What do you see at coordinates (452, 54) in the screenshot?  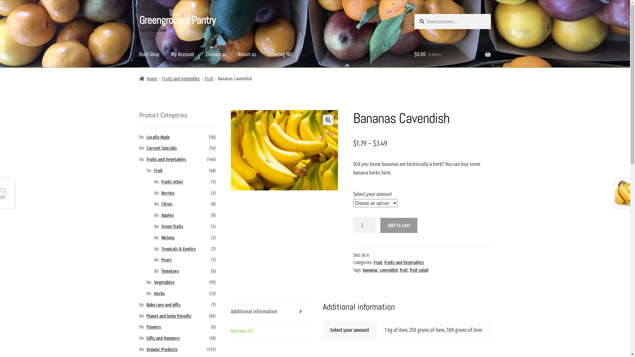 I see `'$0.00 0 items'` at bounding box center [452, 54].